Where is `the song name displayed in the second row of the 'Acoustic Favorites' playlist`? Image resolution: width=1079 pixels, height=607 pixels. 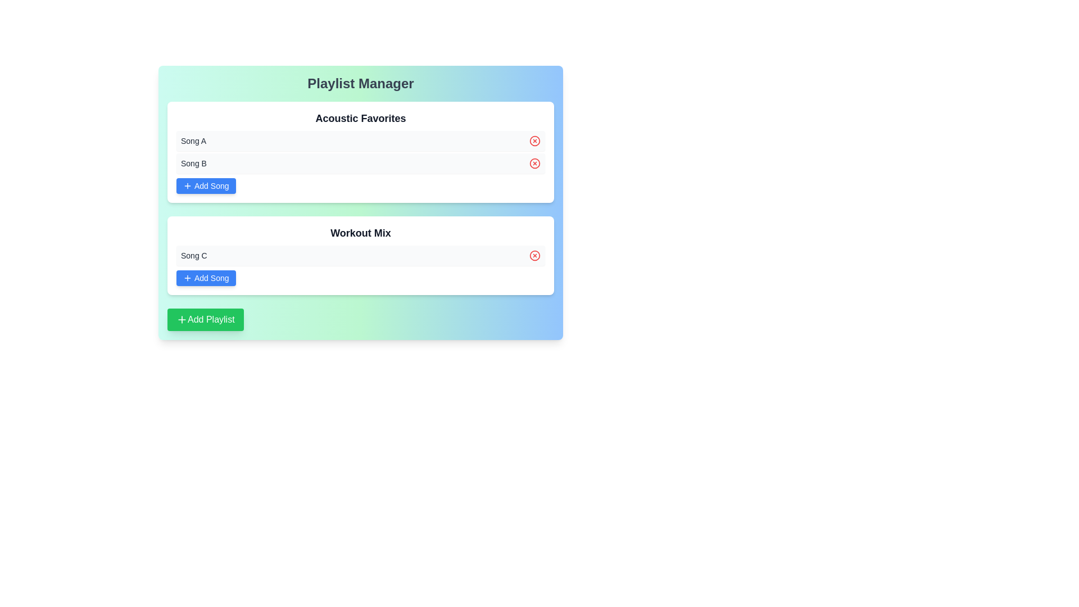 the song name displayed in the second row of the 'Acoustic Favorites' playlist is located at coordinates (361, 163).